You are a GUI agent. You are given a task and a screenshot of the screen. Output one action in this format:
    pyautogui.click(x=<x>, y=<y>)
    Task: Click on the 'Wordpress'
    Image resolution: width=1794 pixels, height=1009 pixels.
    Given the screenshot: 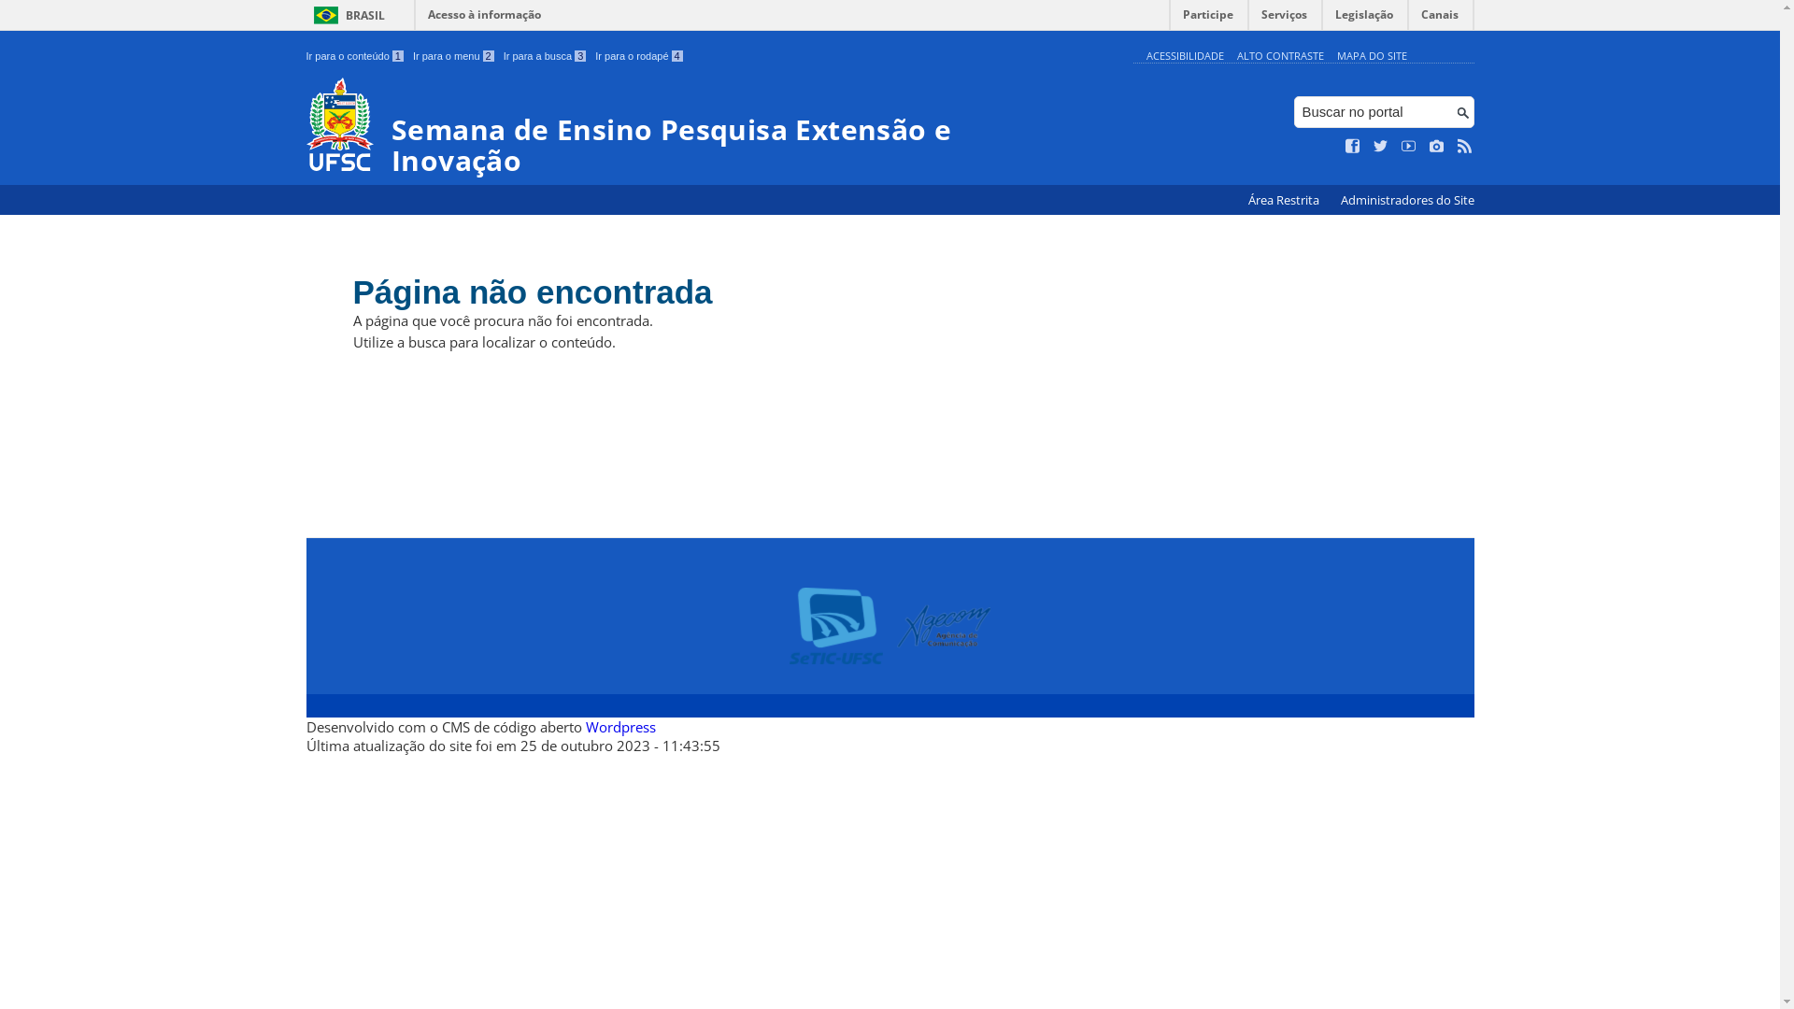 What is the action you would take?
    pyautogui.click(x=583, y=726)
    